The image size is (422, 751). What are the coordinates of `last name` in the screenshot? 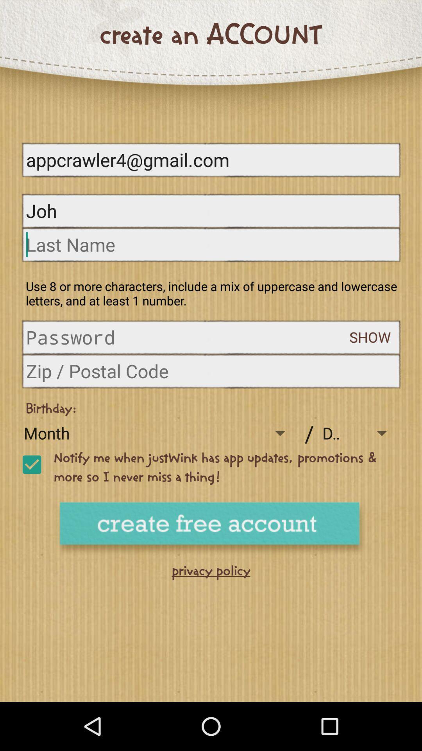 It's located at (211, 244).